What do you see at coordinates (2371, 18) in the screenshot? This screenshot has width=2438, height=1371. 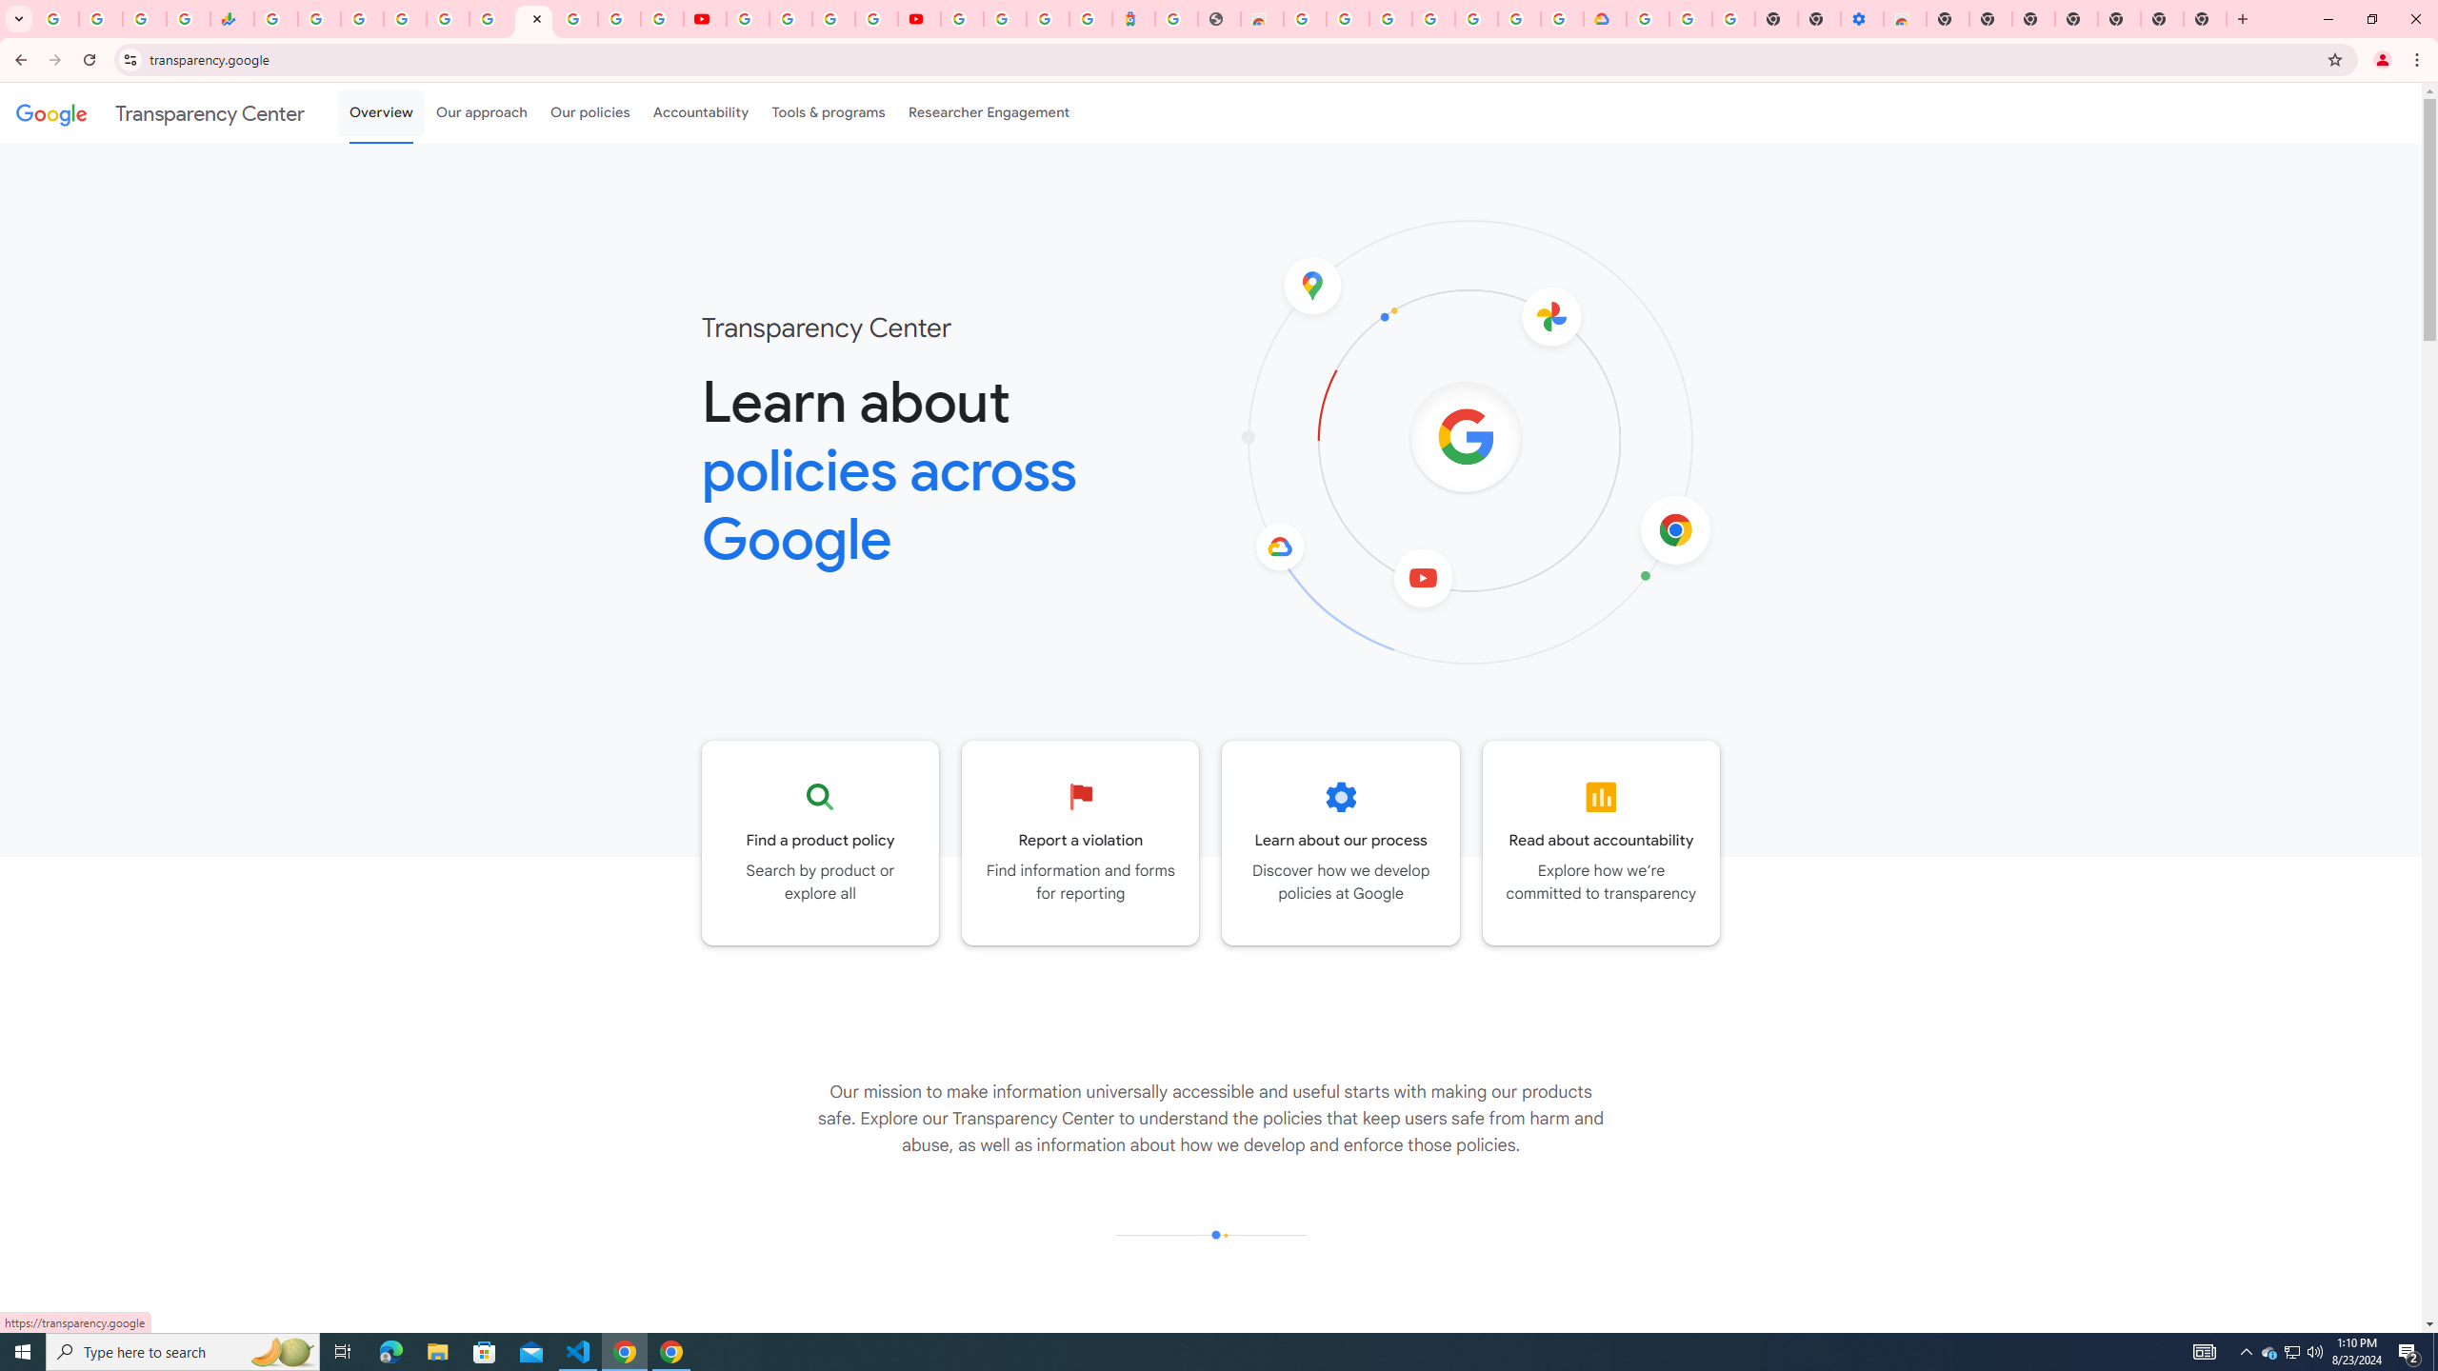 I see `'Restore'` at bounding box center [2371, 18].